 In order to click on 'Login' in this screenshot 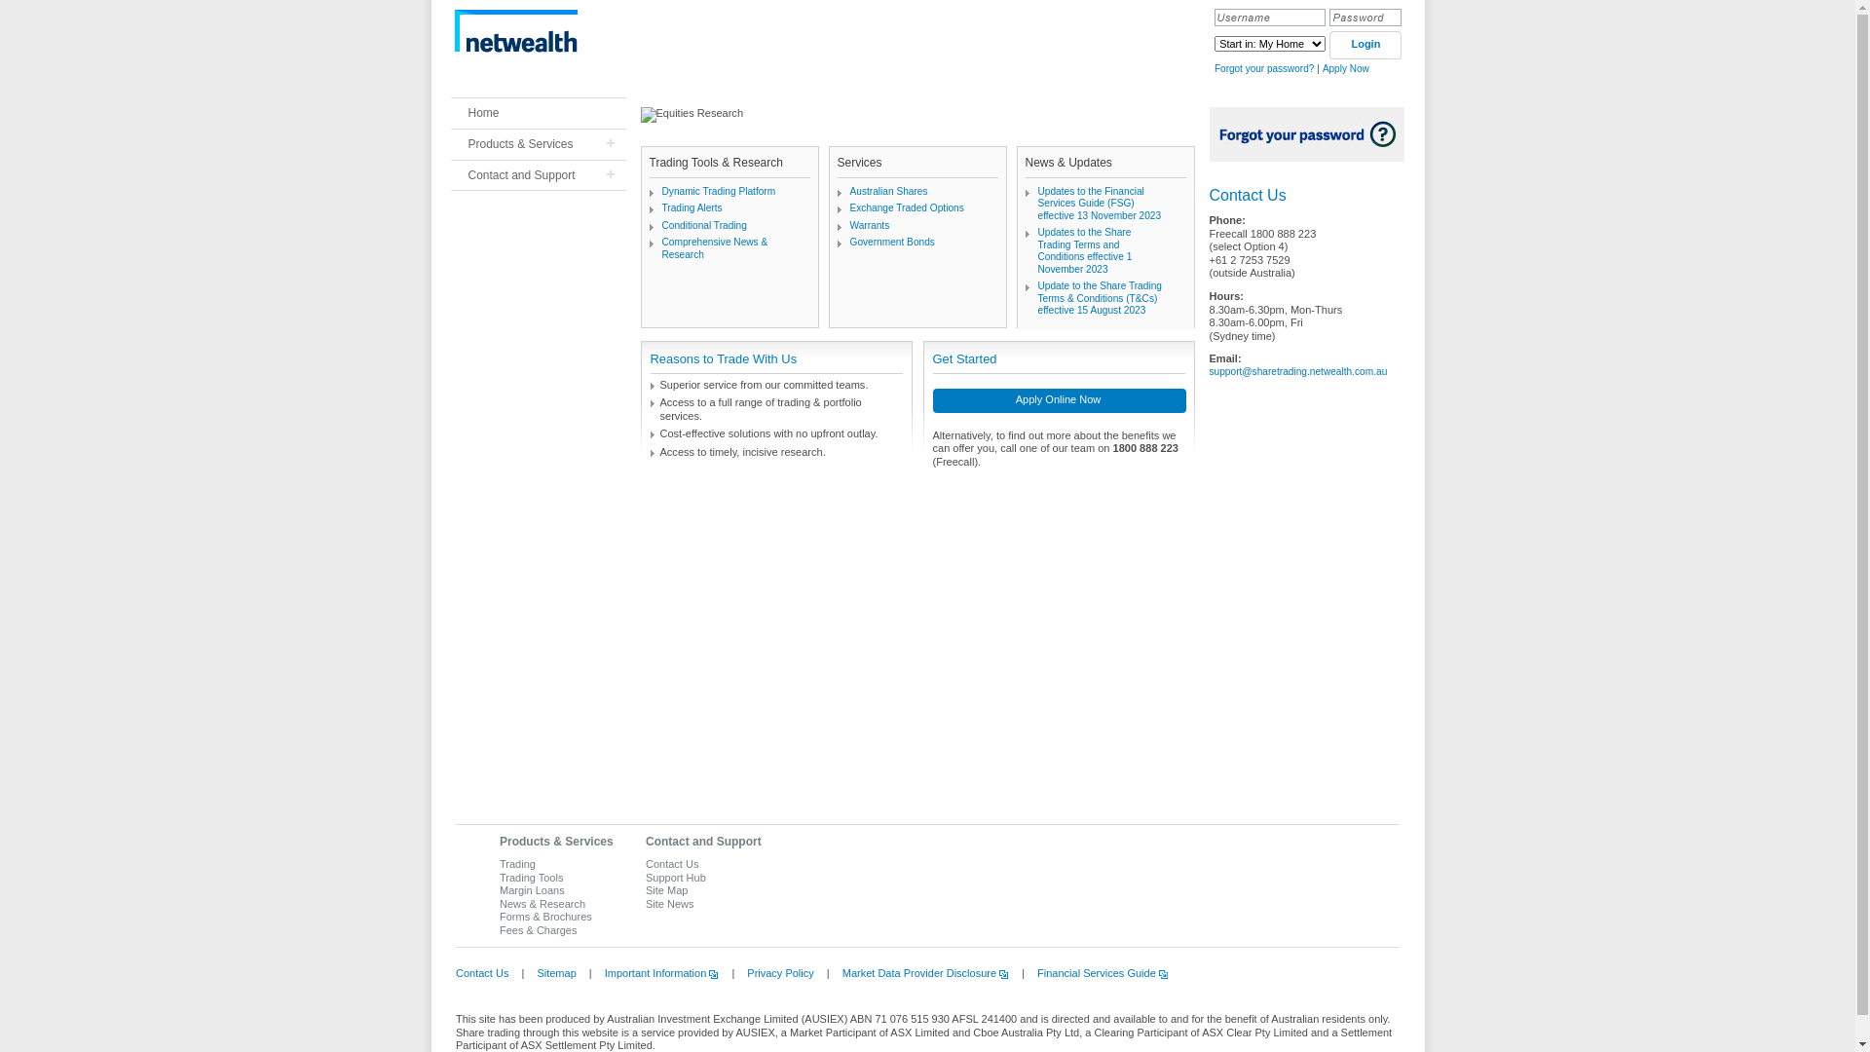, I will do `click(1364, 44)`.